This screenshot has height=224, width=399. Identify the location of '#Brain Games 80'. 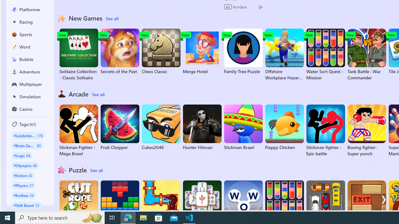
(27, 145).